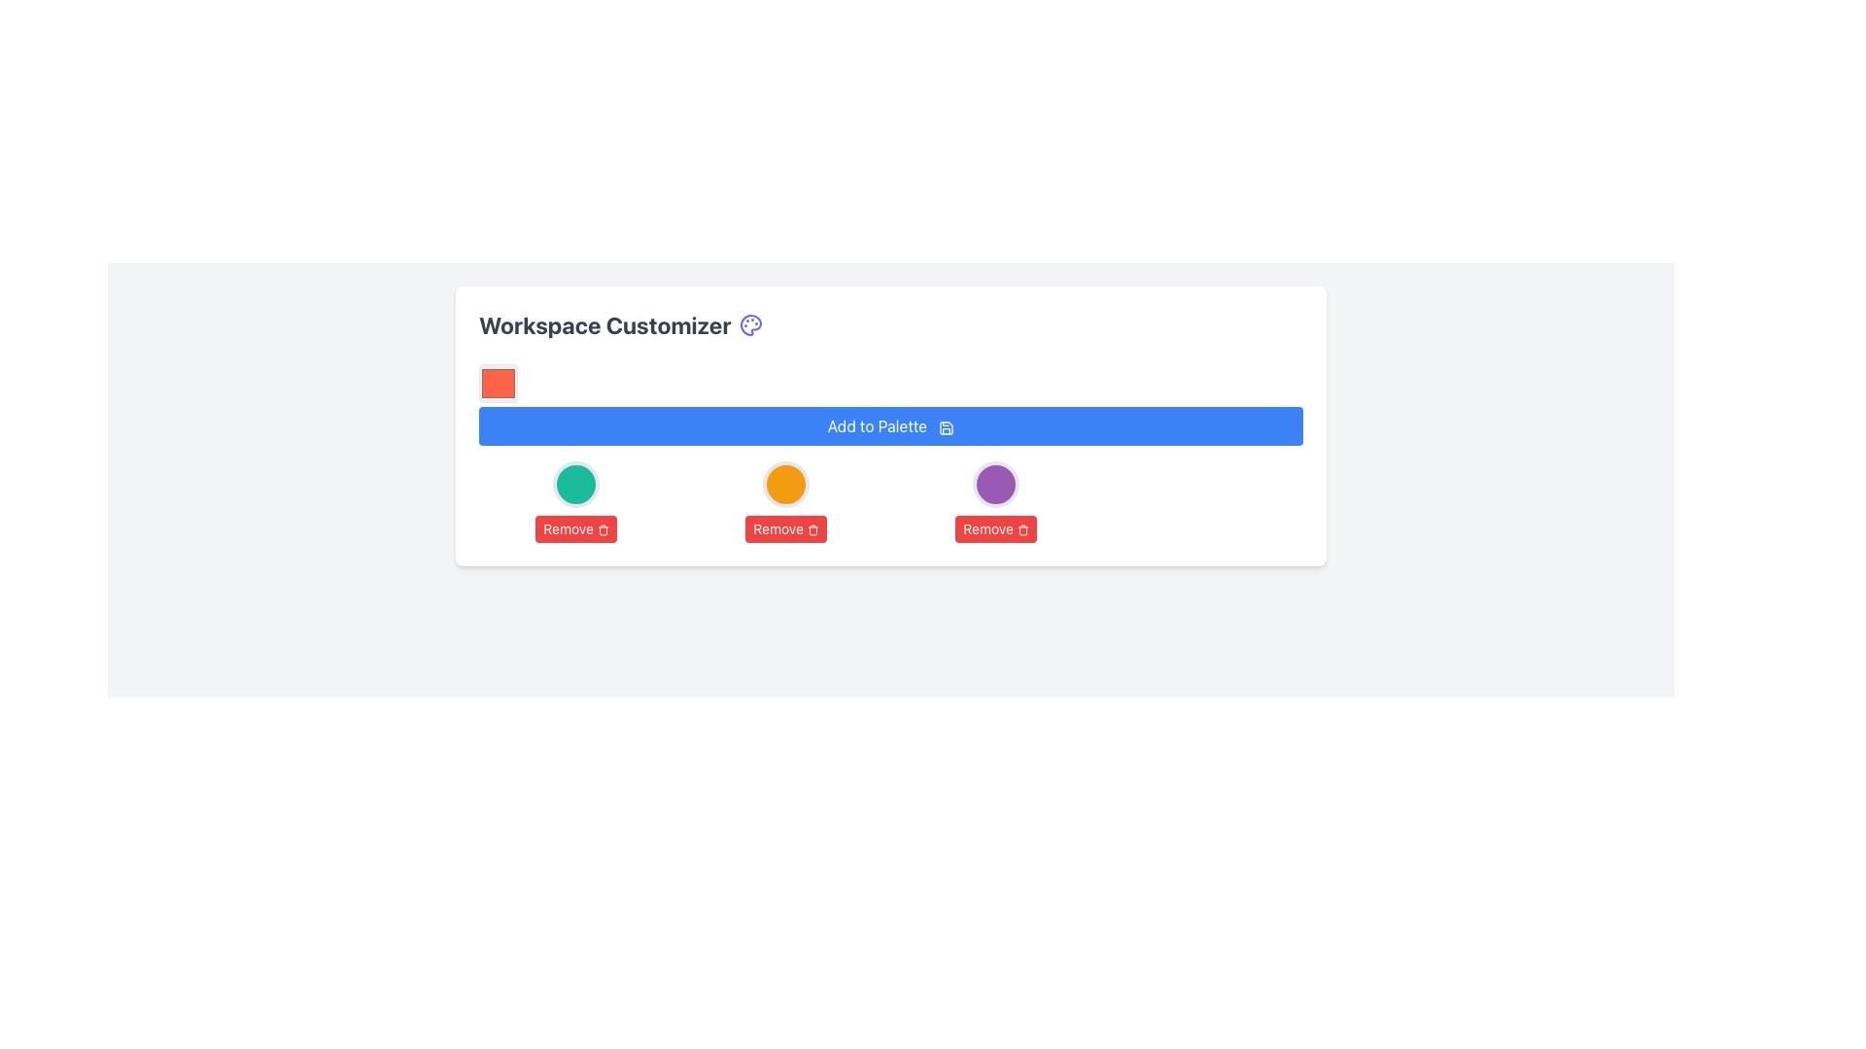 The width and height of the screenshot is (1866, 1049). Describe the element at coordinates (1021, 530) in the screenshot. I see `the trash icon with a red background, which is located inside the 'Remove' button beneath the green circular item` at that location.